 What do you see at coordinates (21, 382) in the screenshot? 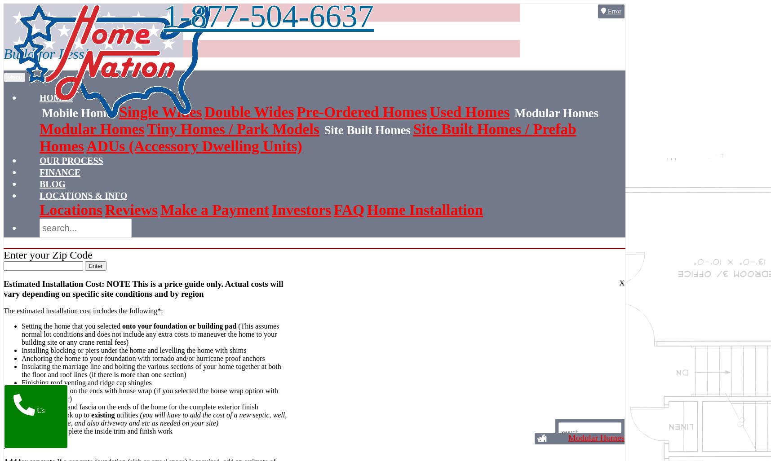
I see `'Finishing roof venting and ridge cap shingles'` at bounding box center [21, 382].